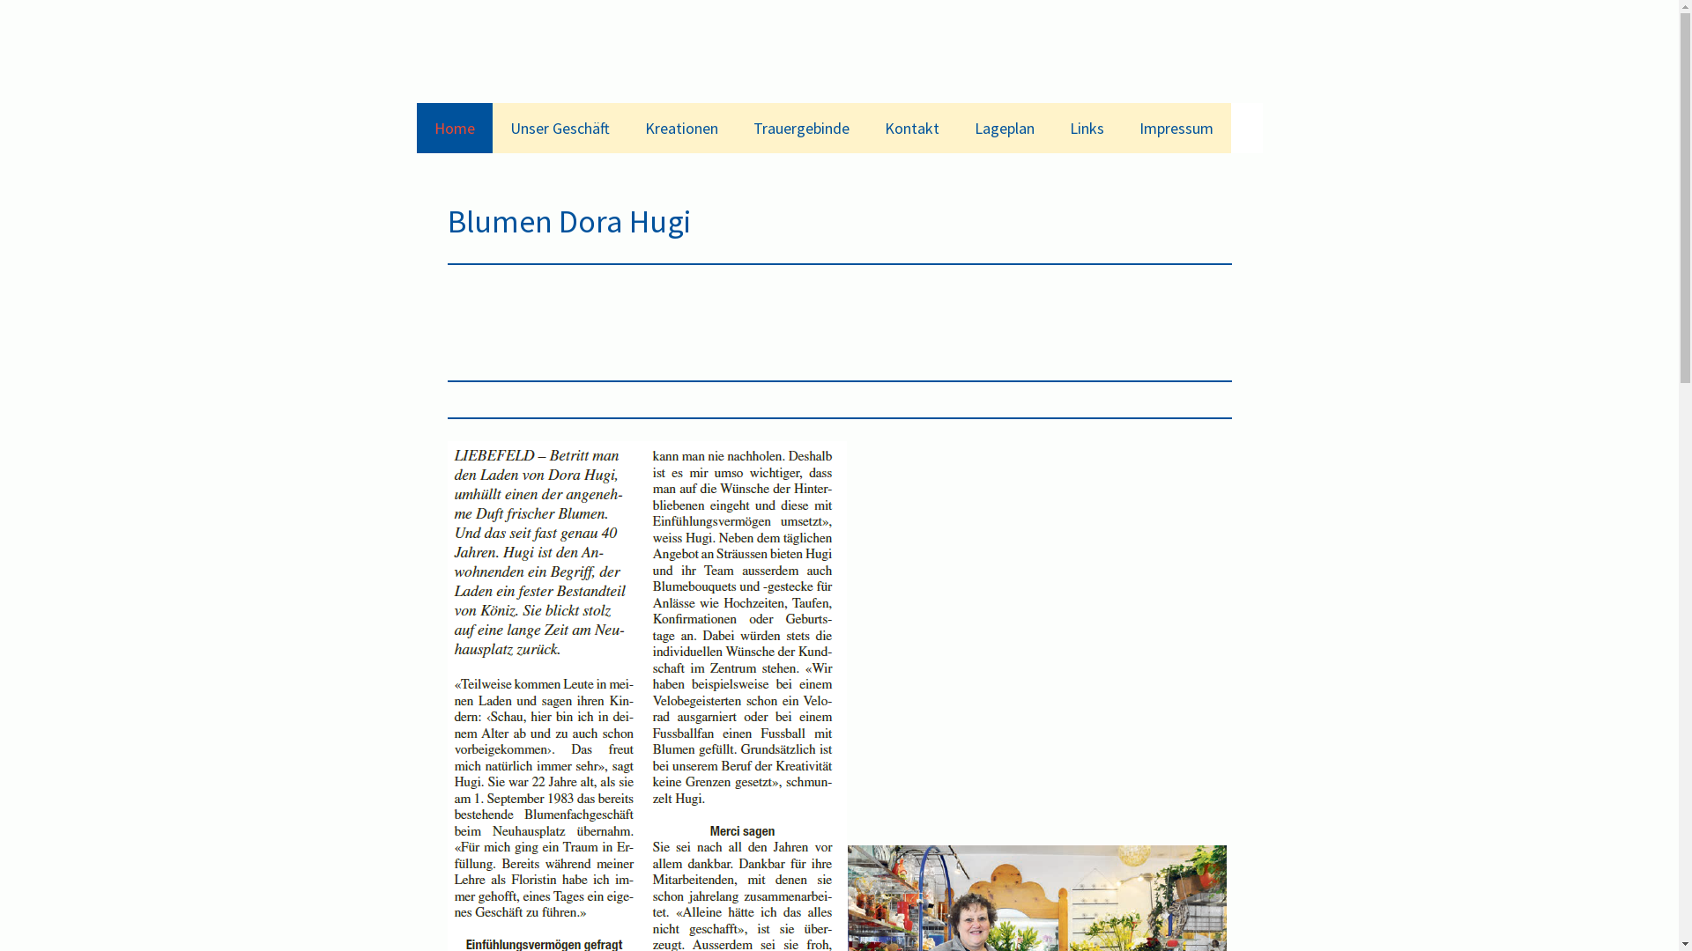  What do you see at coordinates (799, 127) in the screenshot?
I see `'Trauergebinde'` at bounding box center [799, 127].